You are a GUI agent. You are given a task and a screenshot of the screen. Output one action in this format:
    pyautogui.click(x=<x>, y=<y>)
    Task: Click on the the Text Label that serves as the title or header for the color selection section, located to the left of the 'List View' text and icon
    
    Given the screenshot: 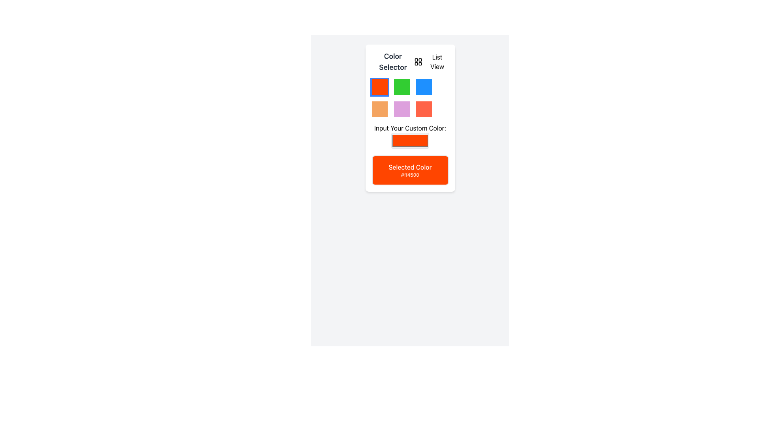 What is the action you would take?
    pyautogui.click(x=393, y=62)
    